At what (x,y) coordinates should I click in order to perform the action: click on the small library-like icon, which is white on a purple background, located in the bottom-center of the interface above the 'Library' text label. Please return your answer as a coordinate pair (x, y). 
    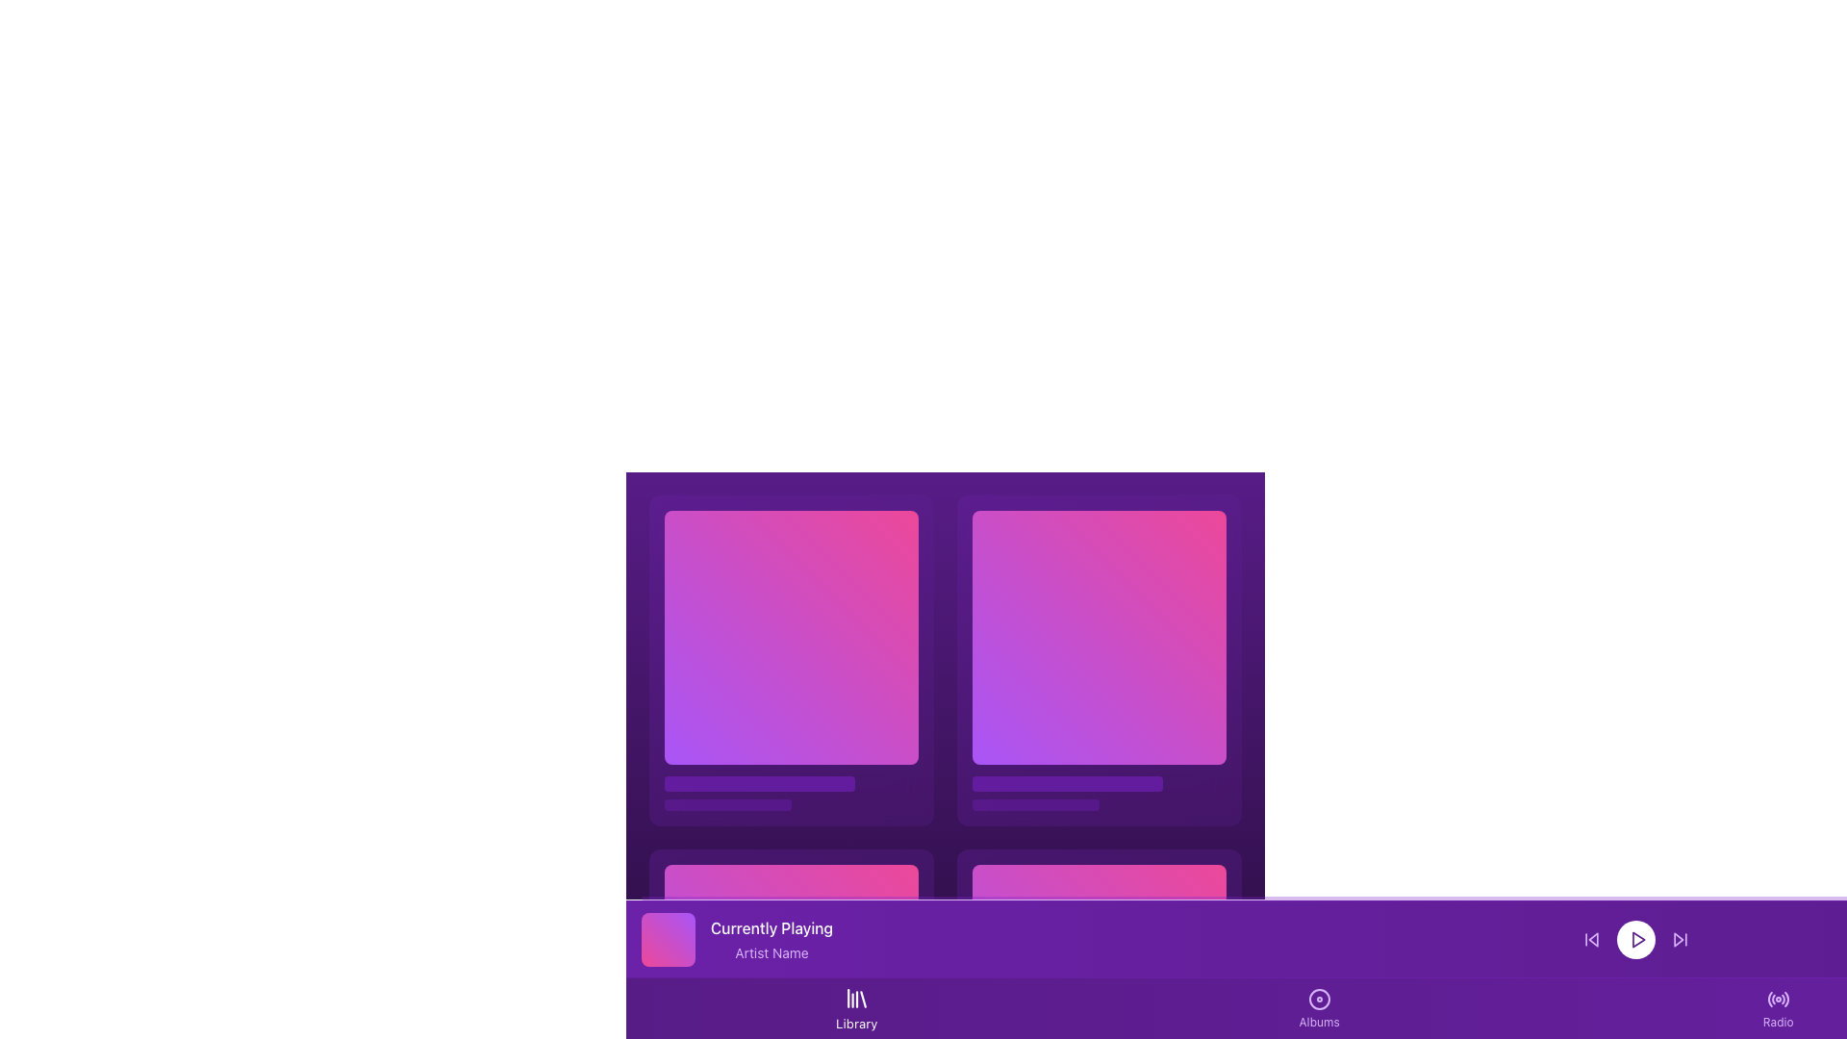
    Looking at the image, I should click on (855, 997).